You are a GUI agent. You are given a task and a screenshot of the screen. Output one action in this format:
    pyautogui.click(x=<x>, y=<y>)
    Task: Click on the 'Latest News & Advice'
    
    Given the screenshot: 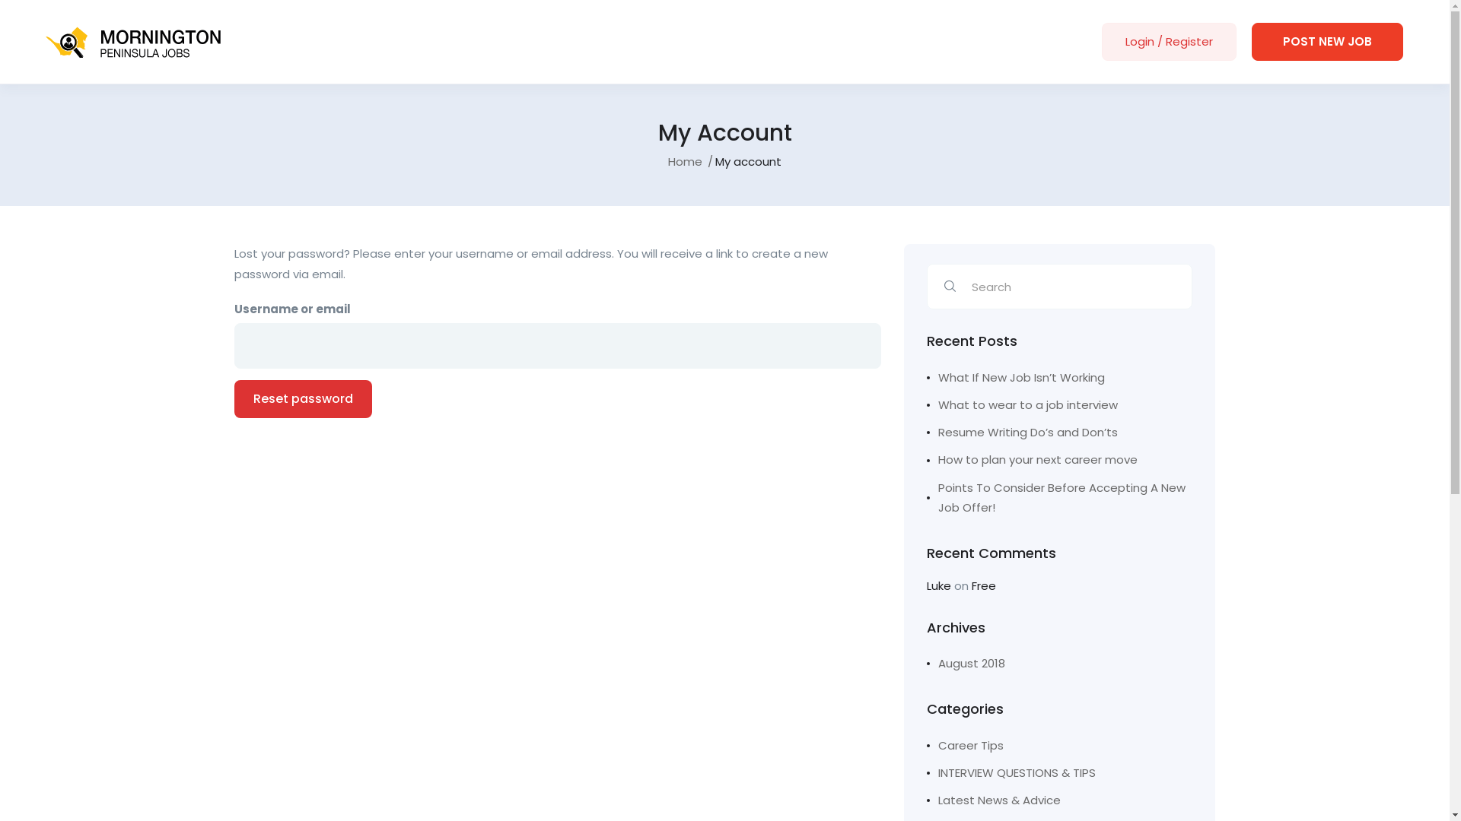 What is the action you would take?
    pyautogui.click(x=993, y=800)
    